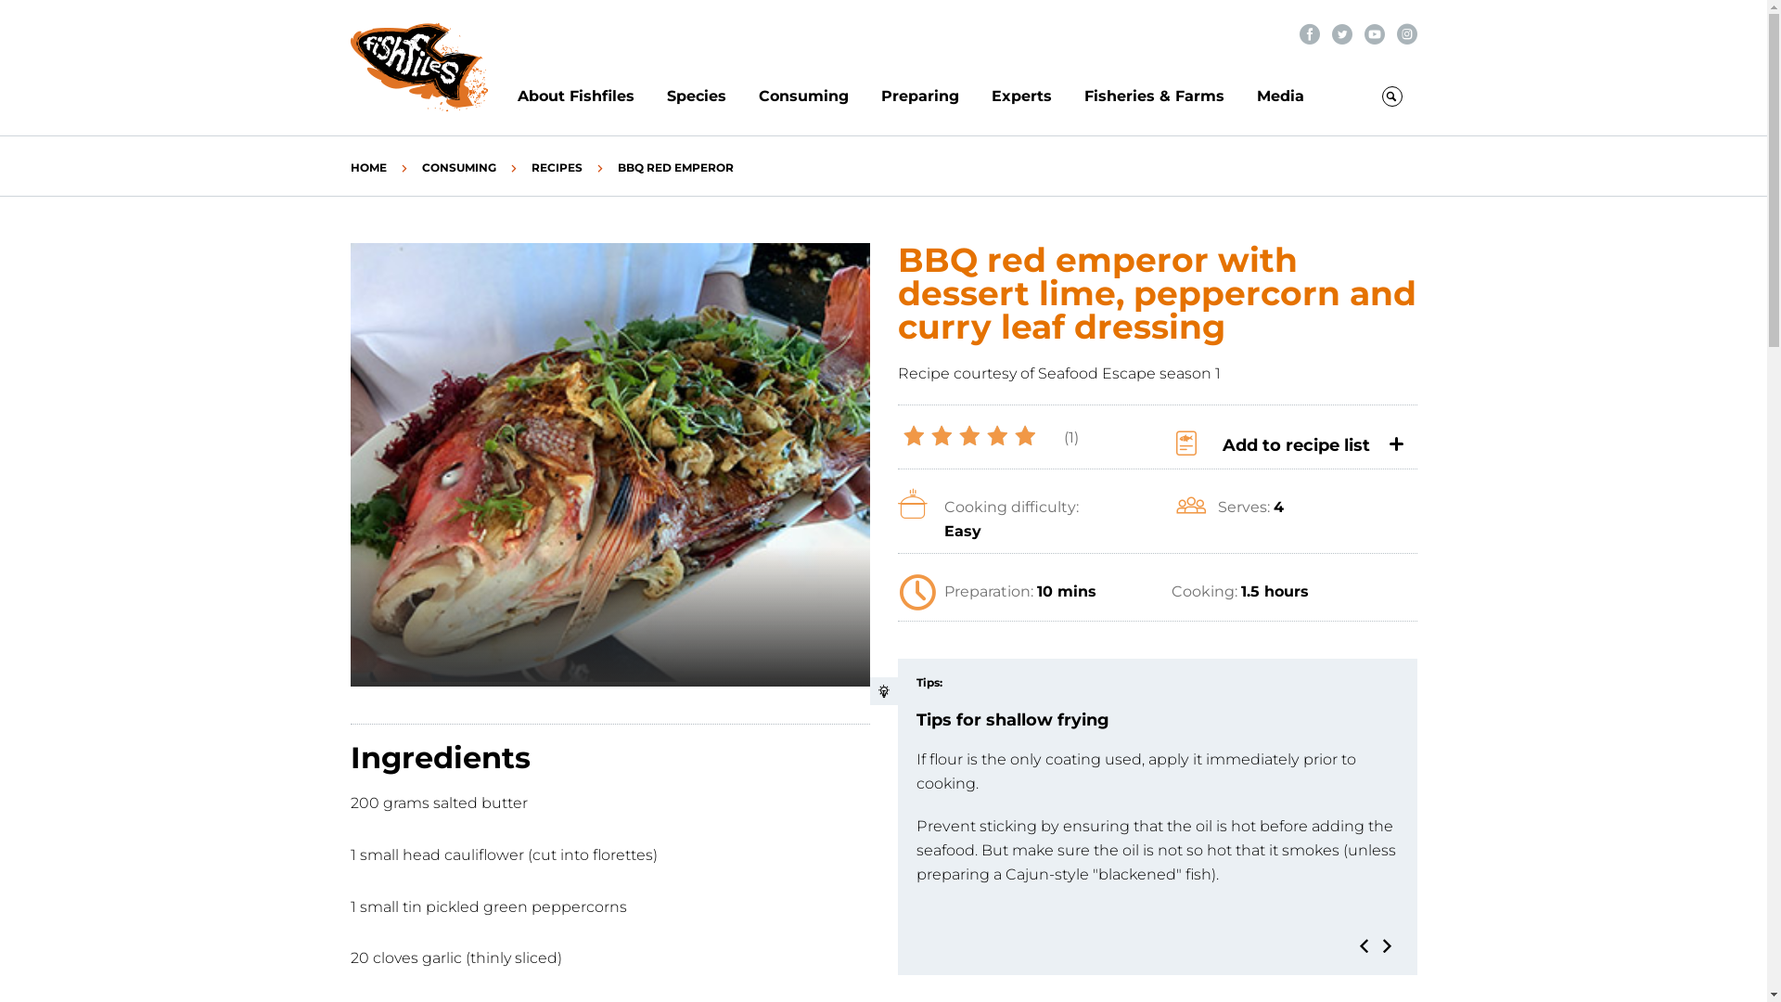  Describe the element at coordinates (711, 96) in the screenshot. I see `'Species'` at that location.